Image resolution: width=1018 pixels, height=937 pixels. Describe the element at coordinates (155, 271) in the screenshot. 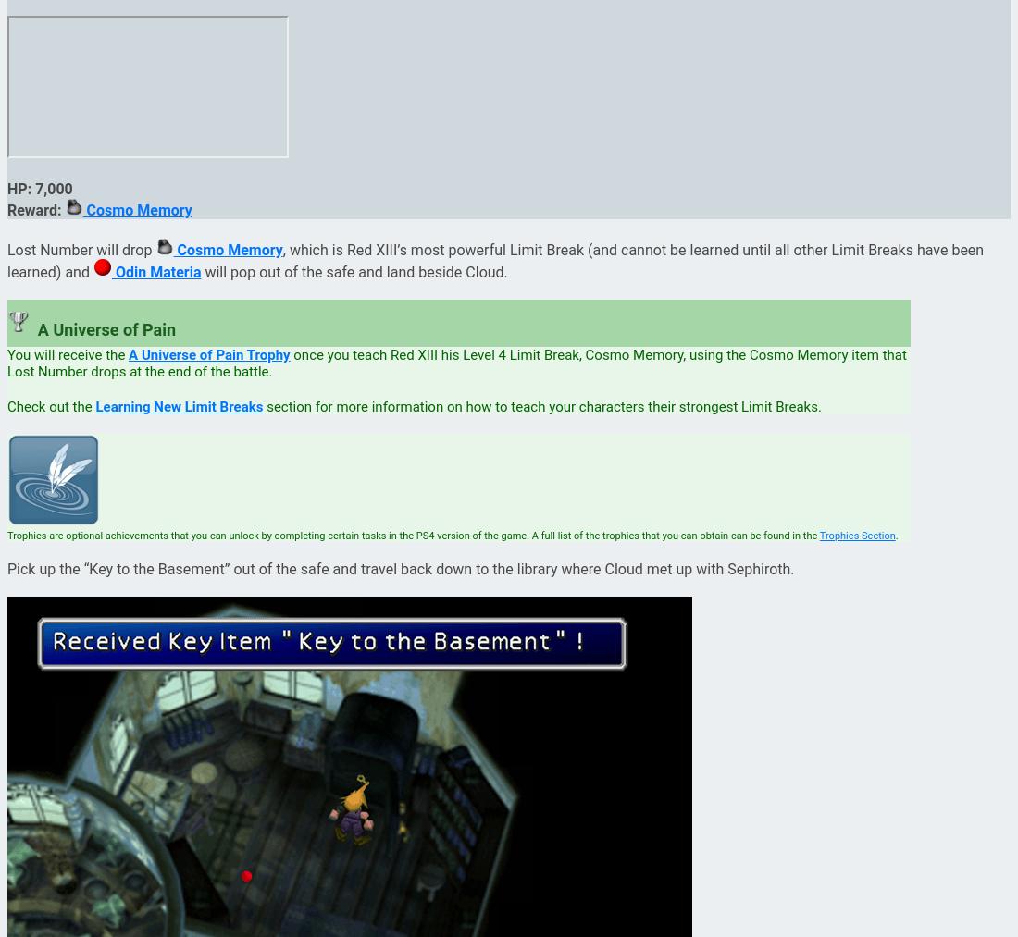

I see `'Odin Materia'` at that location.